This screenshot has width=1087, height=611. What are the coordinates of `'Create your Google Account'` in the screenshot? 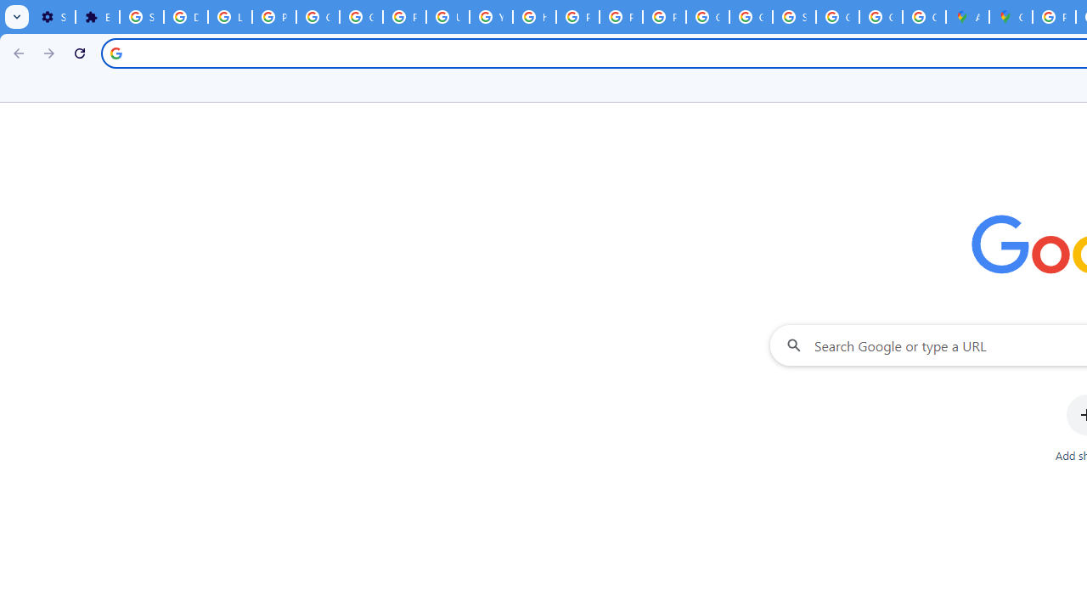 It's located at (923, 17).